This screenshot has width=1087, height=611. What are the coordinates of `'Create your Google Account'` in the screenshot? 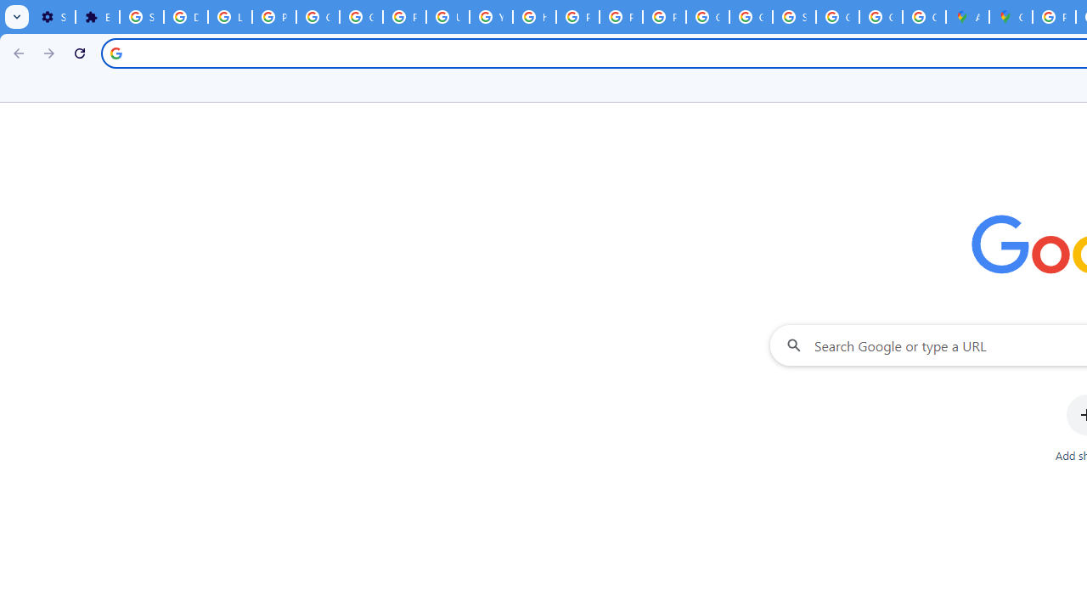 It's located at (923, 17).